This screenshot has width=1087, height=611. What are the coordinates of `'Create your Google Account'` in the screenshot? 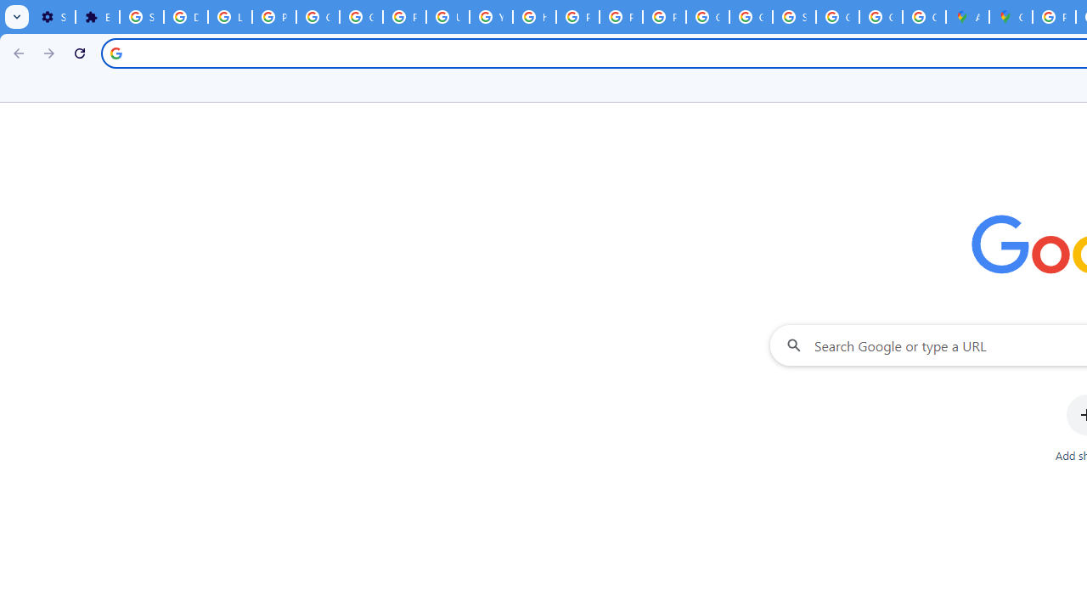 It's located at (923, 17).